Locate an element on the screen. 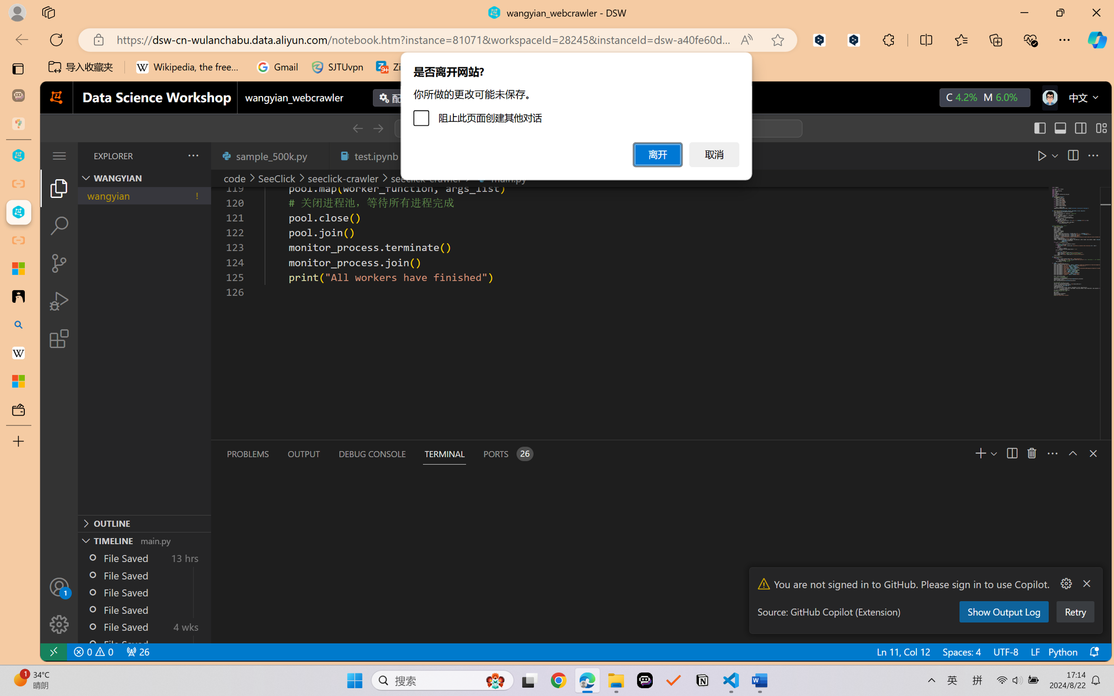  'Clear Notification (Delete)' is located at coordinates (1086, 583).